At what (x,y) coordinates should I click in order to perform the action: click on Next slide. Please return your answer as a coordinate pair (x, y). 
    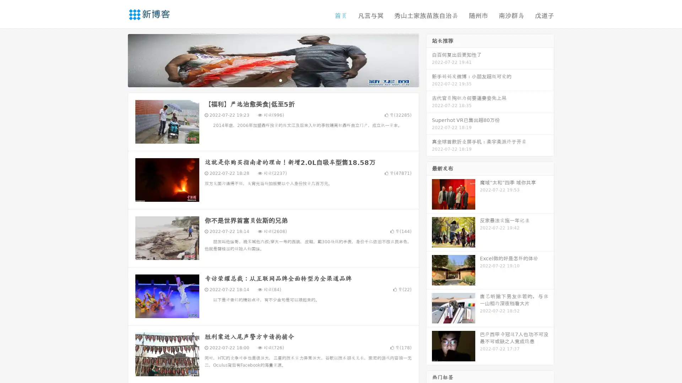
    Looking at the image, I should click on (429, 60).